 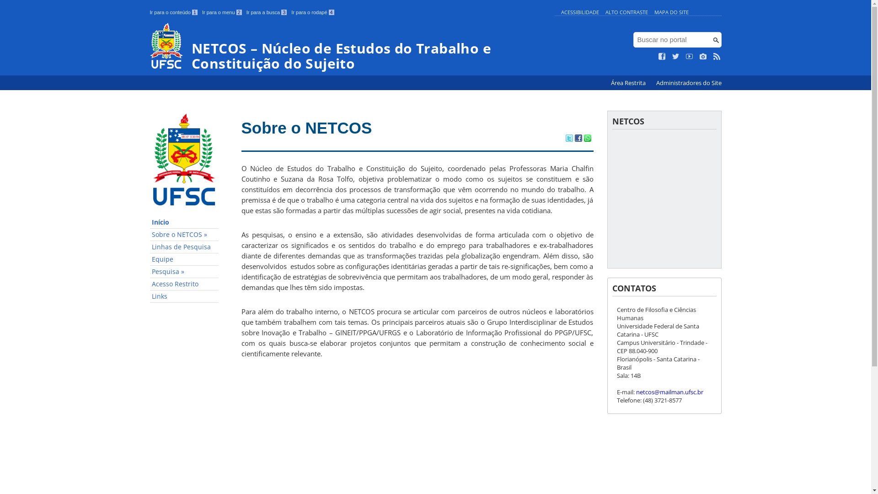 What do you see at coordinates (662, 56) in the screenshot?
I see `'Curta no Facebook'` at bounding box center [662, 56].